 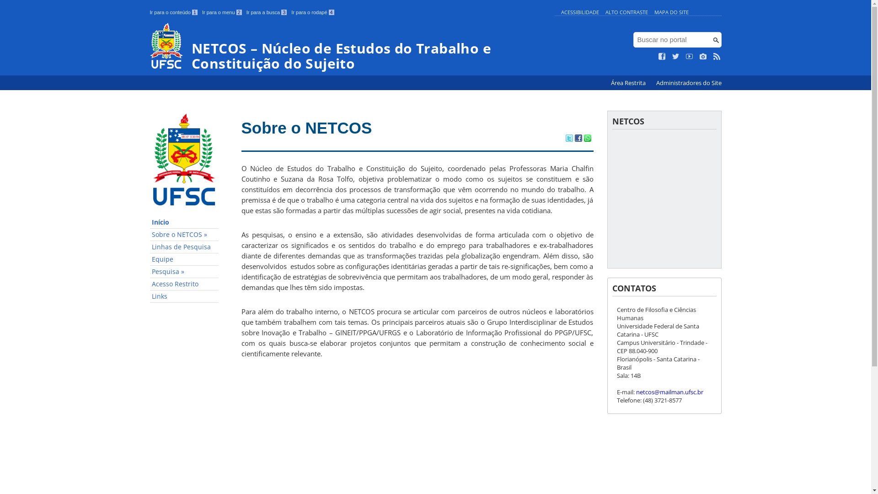 What do you see at coordinates (662, 56) in the screenshot?
I see `'Curta no Facebook'` at bounding box center [662, 56].